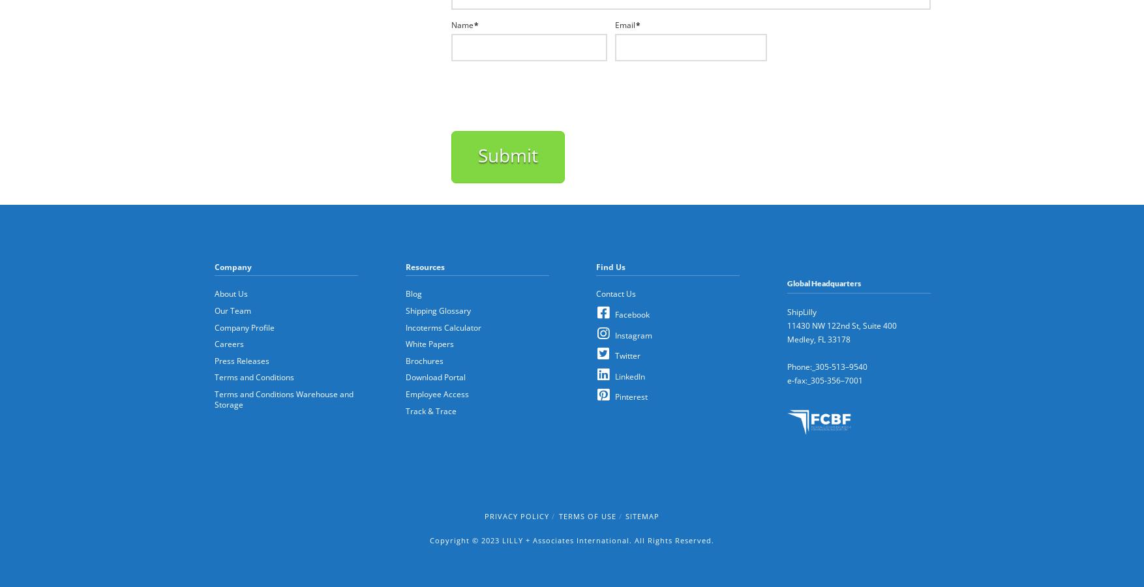 The width and height of the screenshot is (1144, 587). What do you see at coordinates (430, 410) in the screenshot?
I see `'Track & Trace'` at bounding box center [430, 410].